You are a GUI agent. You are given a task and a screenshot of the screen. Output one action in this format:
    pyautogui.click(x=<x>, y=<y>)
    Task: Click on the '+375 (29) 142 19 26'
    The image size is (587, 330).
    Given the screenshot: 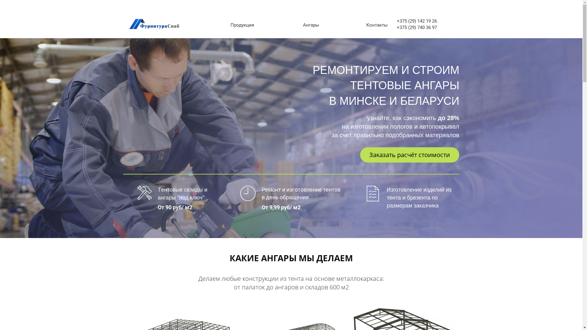 What is the action you would take?
    pyautogui.click(x=416, y=21)
    